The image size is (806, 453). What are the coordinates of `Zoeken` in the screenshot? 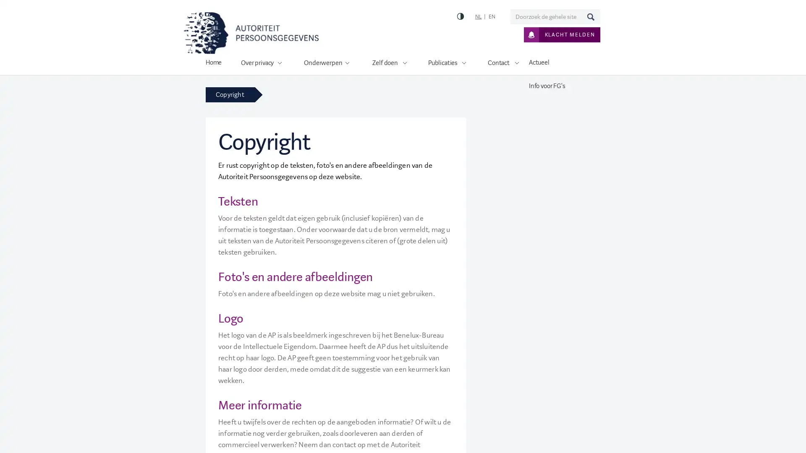 It's located at (590, 16).